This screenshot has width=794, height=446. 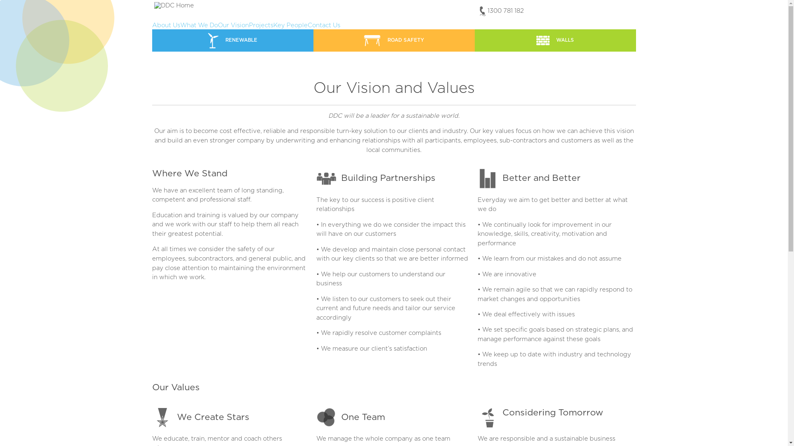 I want to click on 'Key People', so click(x=273, y=25).